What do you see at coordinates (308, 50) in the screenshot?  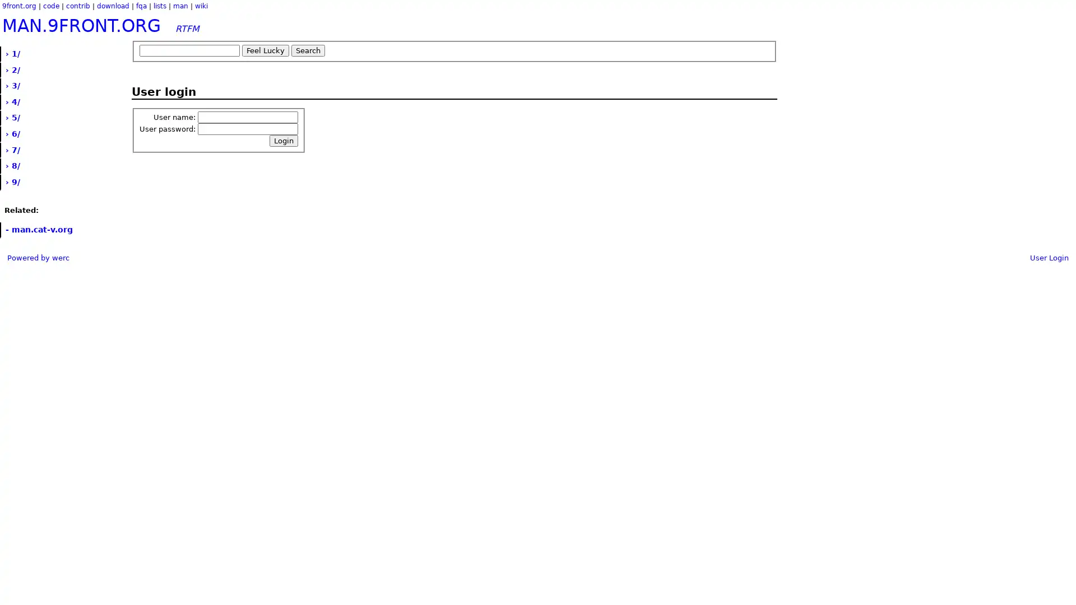 I see `Search` at bounding box center [308, 50].